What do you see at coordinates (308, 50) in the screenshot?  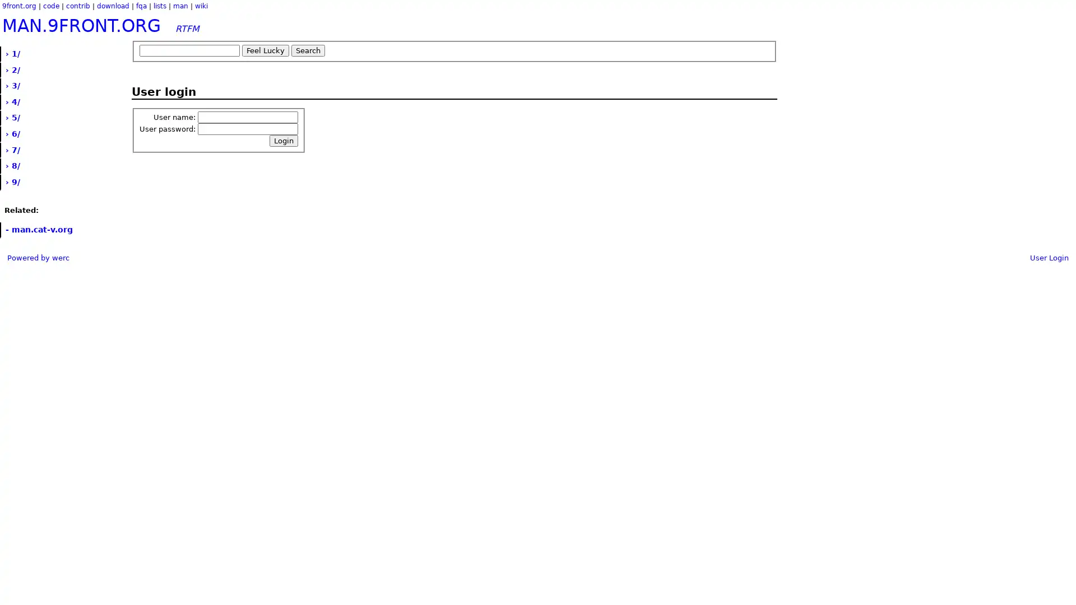 I see `Search` at bounding box center [308, 50].